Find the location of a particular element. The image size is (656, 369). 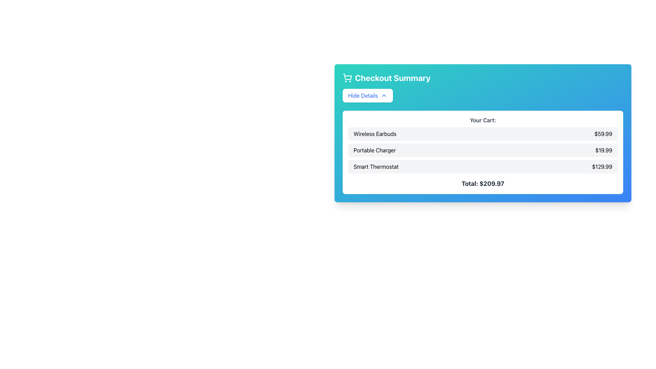

text label identifying the product in the cart summary, located between 'Wireless Earbuds' above and 'Smart Thermostat' below, within the 'Checkout Summary' section is located at coordinates (374, 150).